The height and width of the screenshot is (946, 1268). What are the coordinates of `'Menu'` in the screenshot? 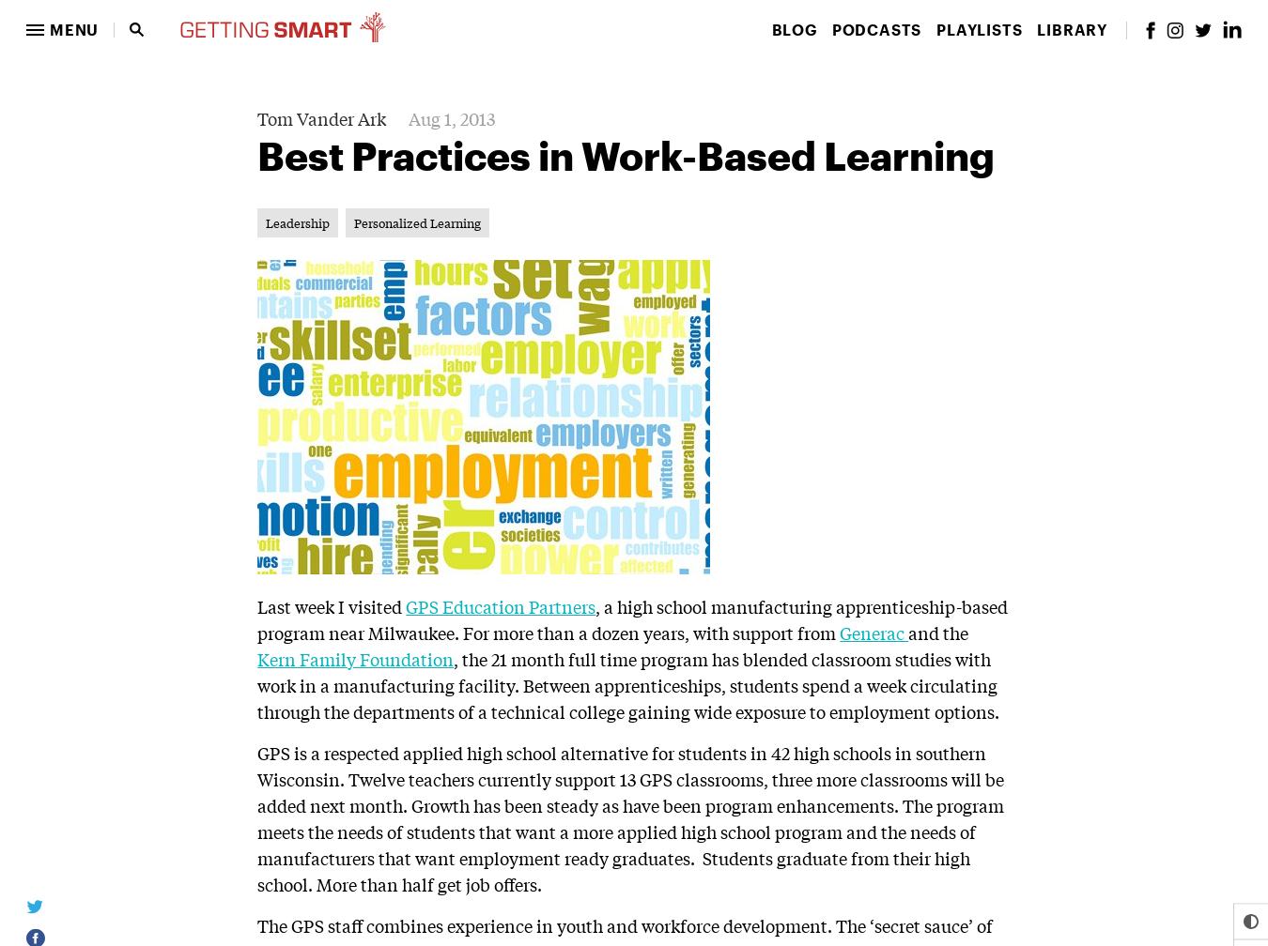 It's located at (72, 29).